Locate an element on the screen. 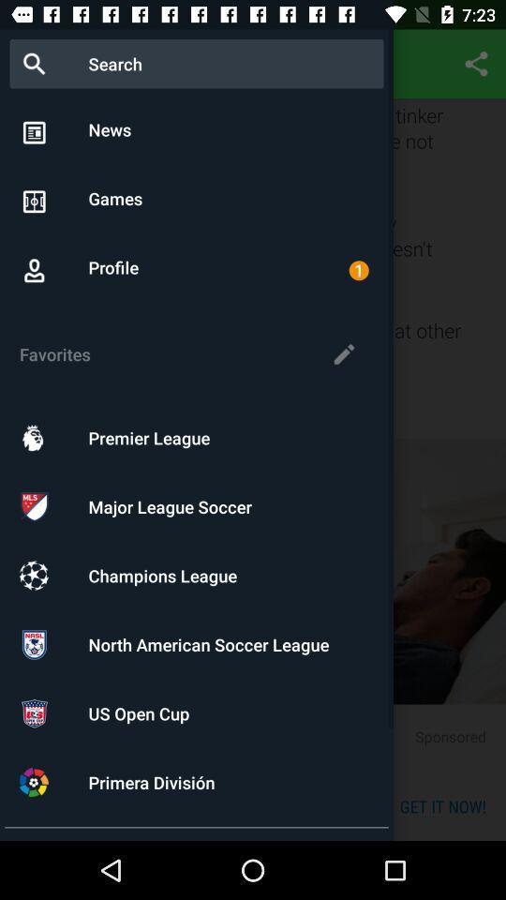 The width and height of the screenshot is (506, 900). the icon shown in the last option positioned at the bottom of the page is located at coordinates (34, 783).